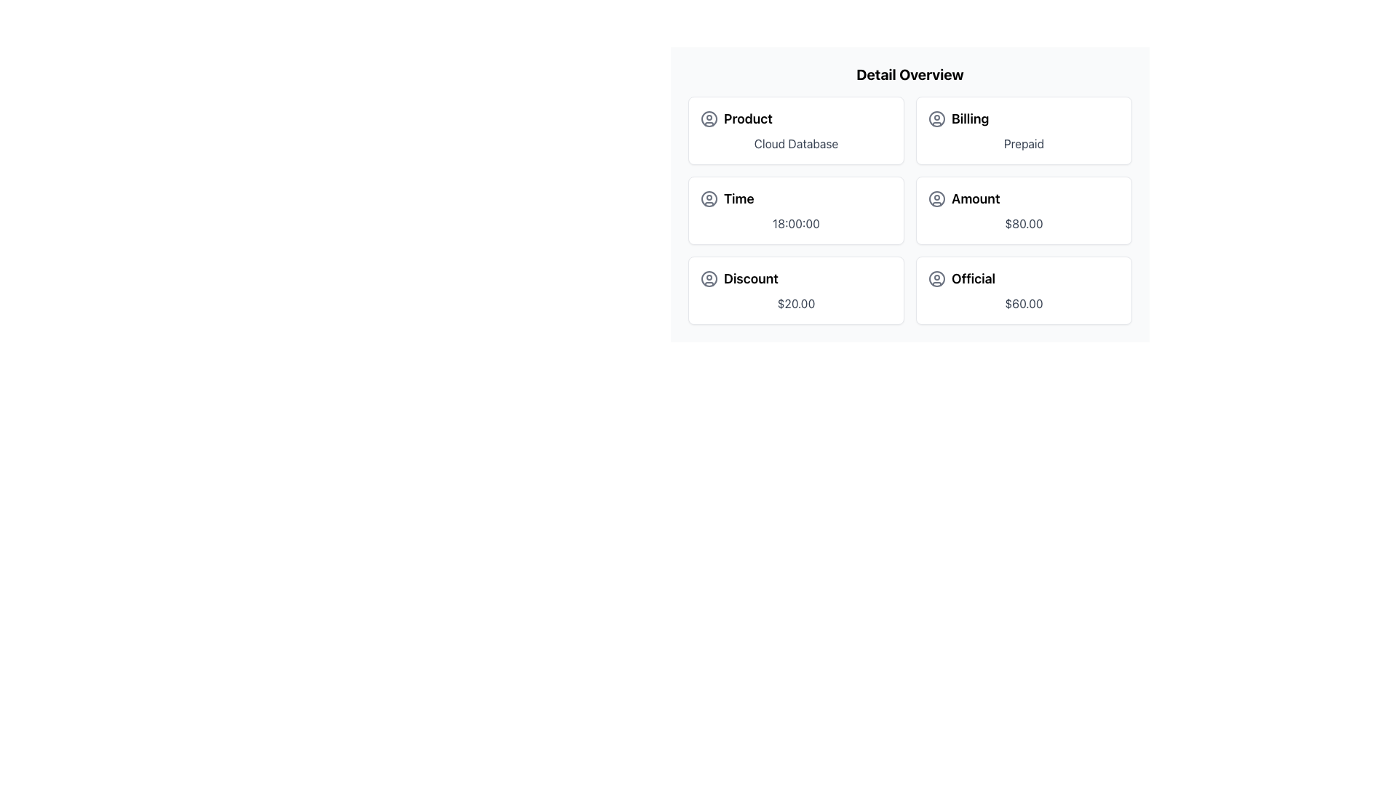 This screenshot has height=785, width=1397. I want to click on the 'Product' text label, which is styled in bold and slightly enlarged font, located in the first item of a grid layout, next to a user profile icon and above the 'Cloud Database' description, so click(748, 118).